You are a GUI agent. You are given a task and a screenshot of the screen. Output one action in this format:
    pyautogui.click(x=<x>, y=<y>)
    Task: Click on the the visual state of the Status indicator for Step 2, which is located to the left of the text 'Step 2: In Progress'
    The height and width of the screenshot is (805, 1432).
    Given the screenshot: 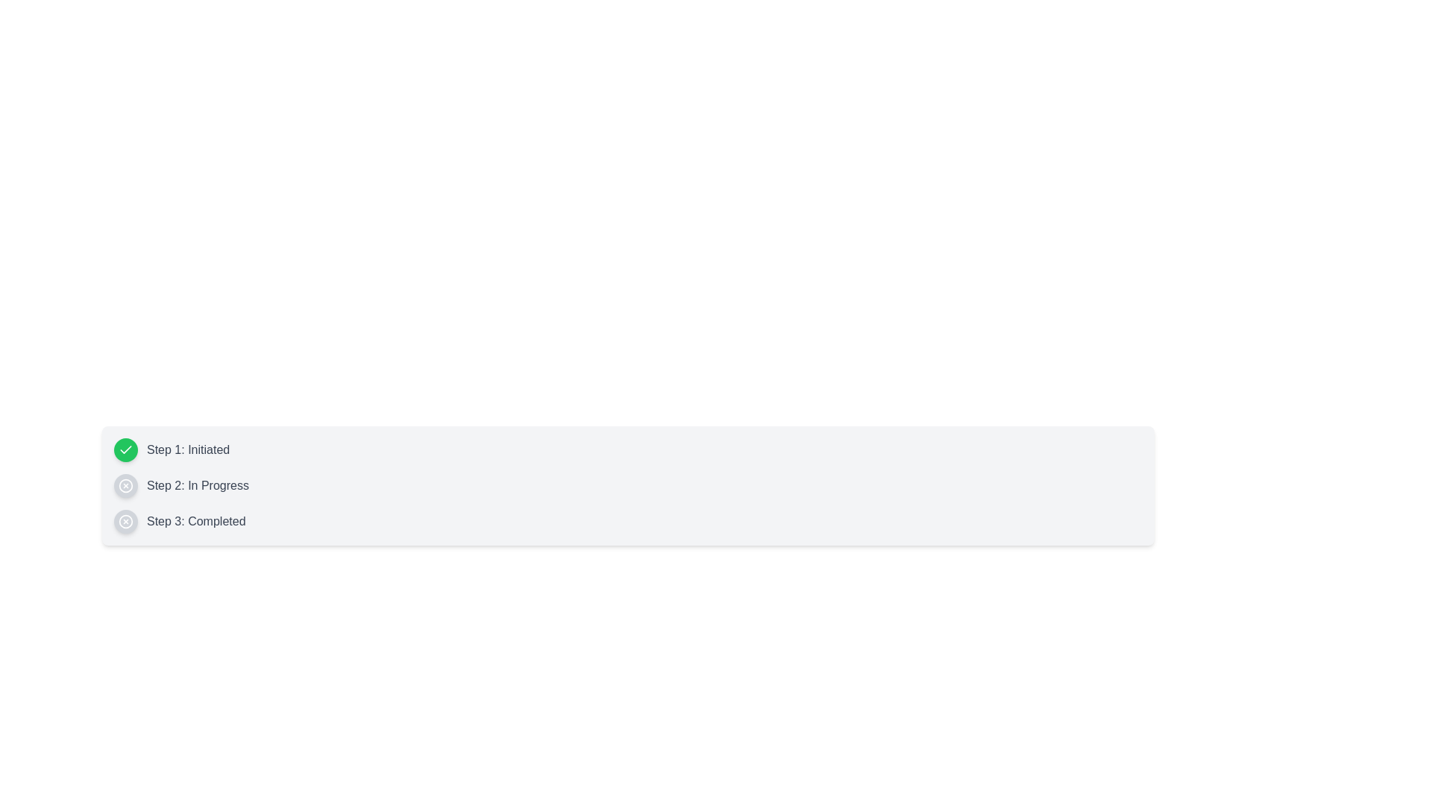 What is the action you would take?
    pyautogui.click(x=125, y=485)
    